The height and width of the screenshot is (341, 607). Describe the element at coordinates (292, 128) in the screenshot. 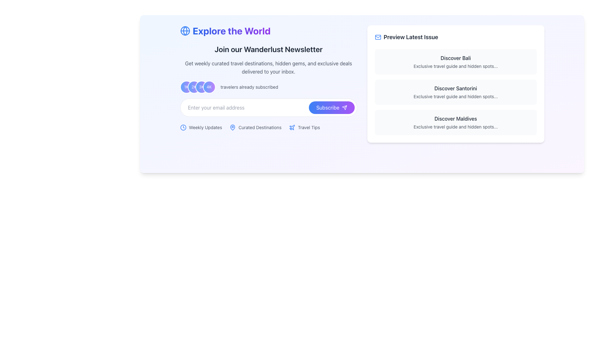

I see `the blue airplane icon next to the text 'Travel Tips' located in the bottom section of the left card` at that location.